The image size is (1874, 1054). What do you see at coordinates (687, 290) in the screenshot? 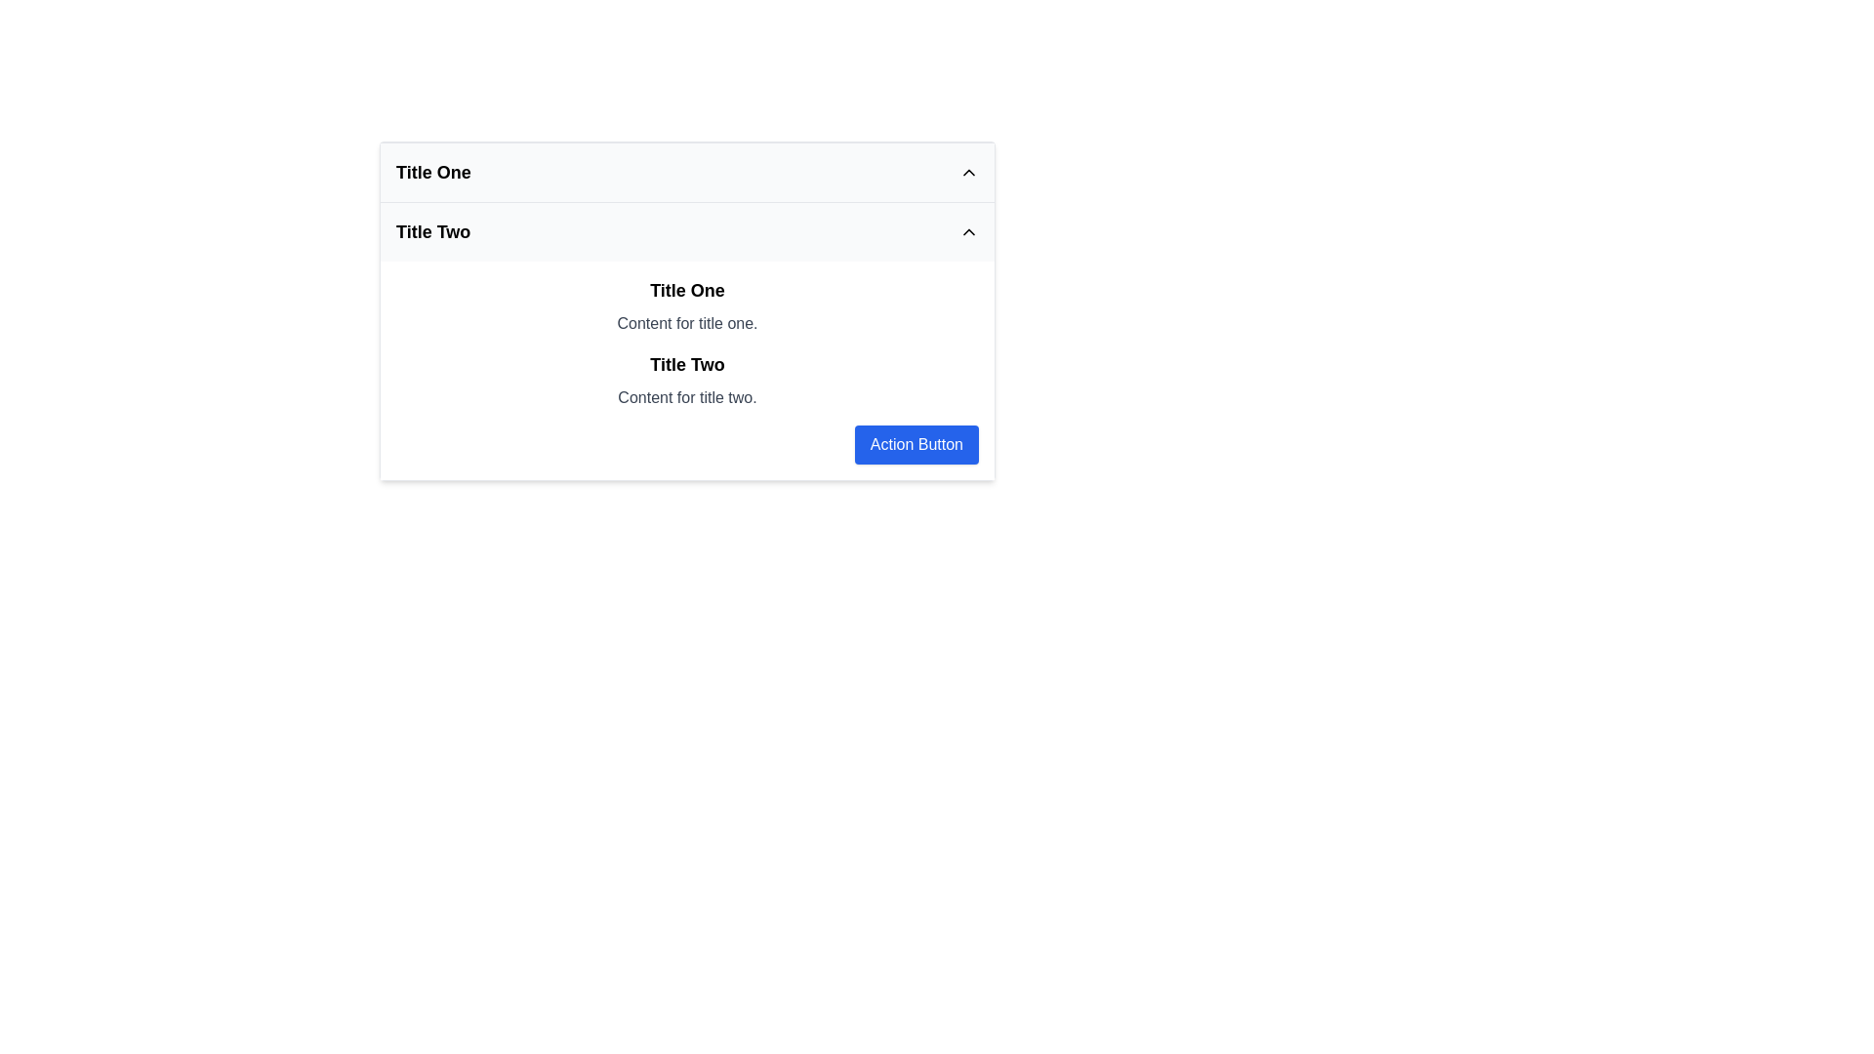
I see `the Text header displaying 'Title One', which is bold and large, located at the top center of the interface` at bounding box center [687, 290].